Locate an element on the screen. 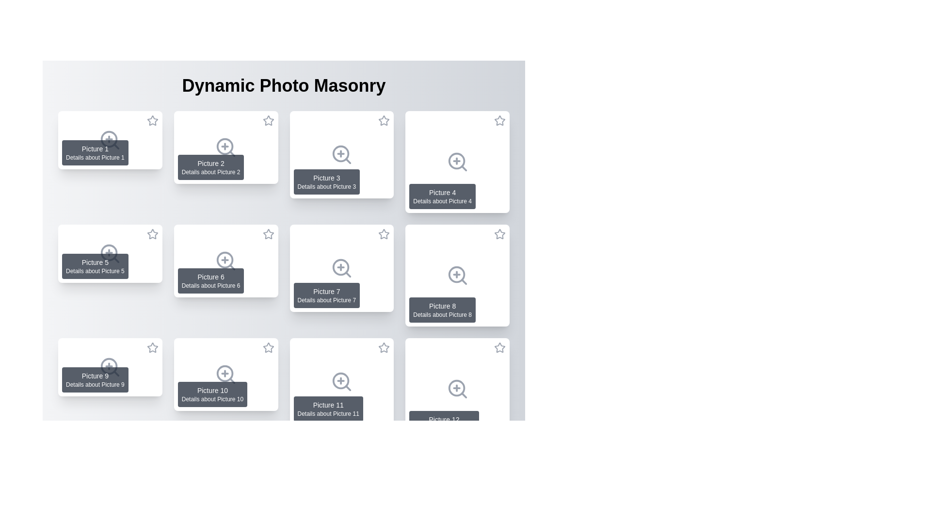 The height and width of the screenshot is (524, 931). the star icon in the top-right corner of Picture 8 to mark the associated item as favorite is located at coordinates (500, 236).